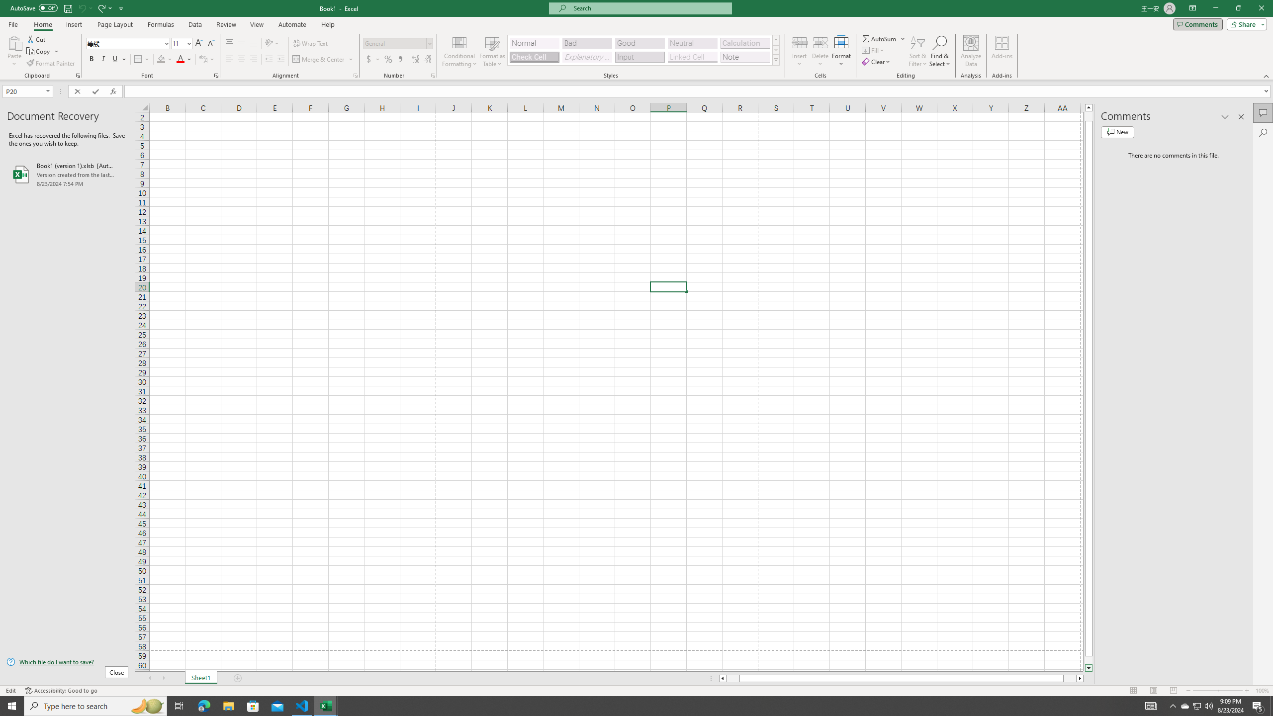 This screenshot has height=716, width=1273. What do you see at coordinates (744, 57) in the screenshot?
I see `'Note'` at bounding box center [744, 57].